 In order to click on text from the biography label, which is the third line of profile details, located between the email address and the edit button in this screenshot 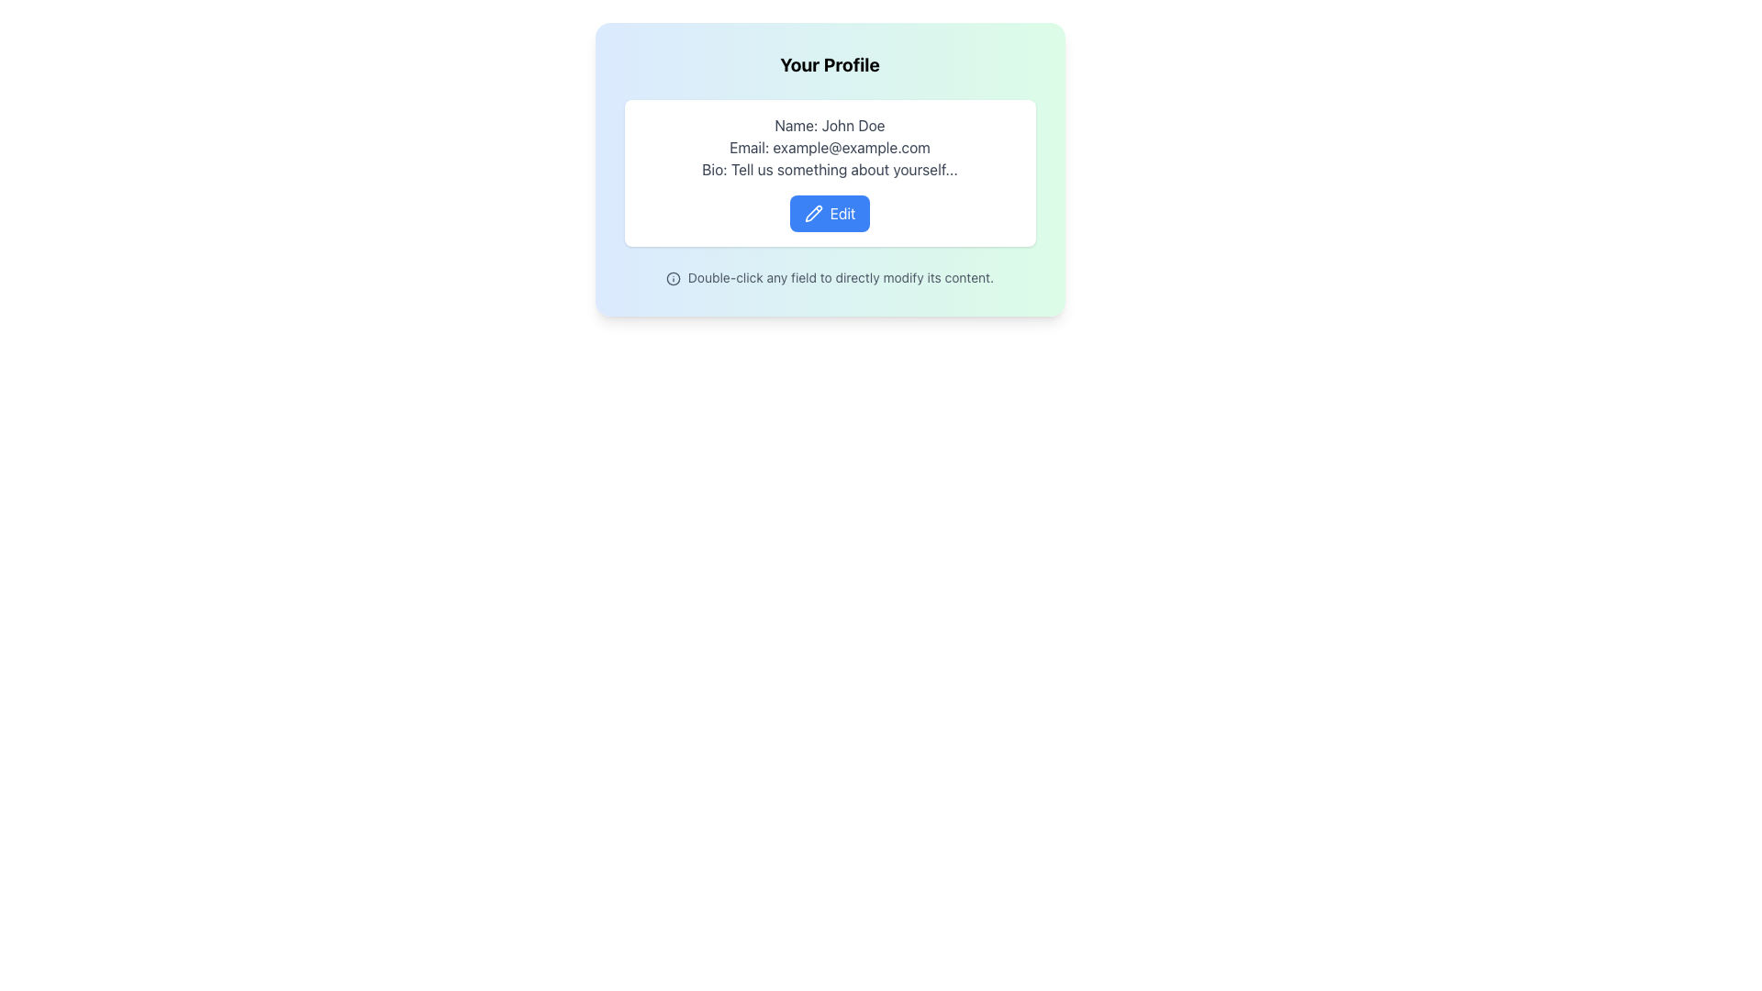, I will do `click(829, 170)`.